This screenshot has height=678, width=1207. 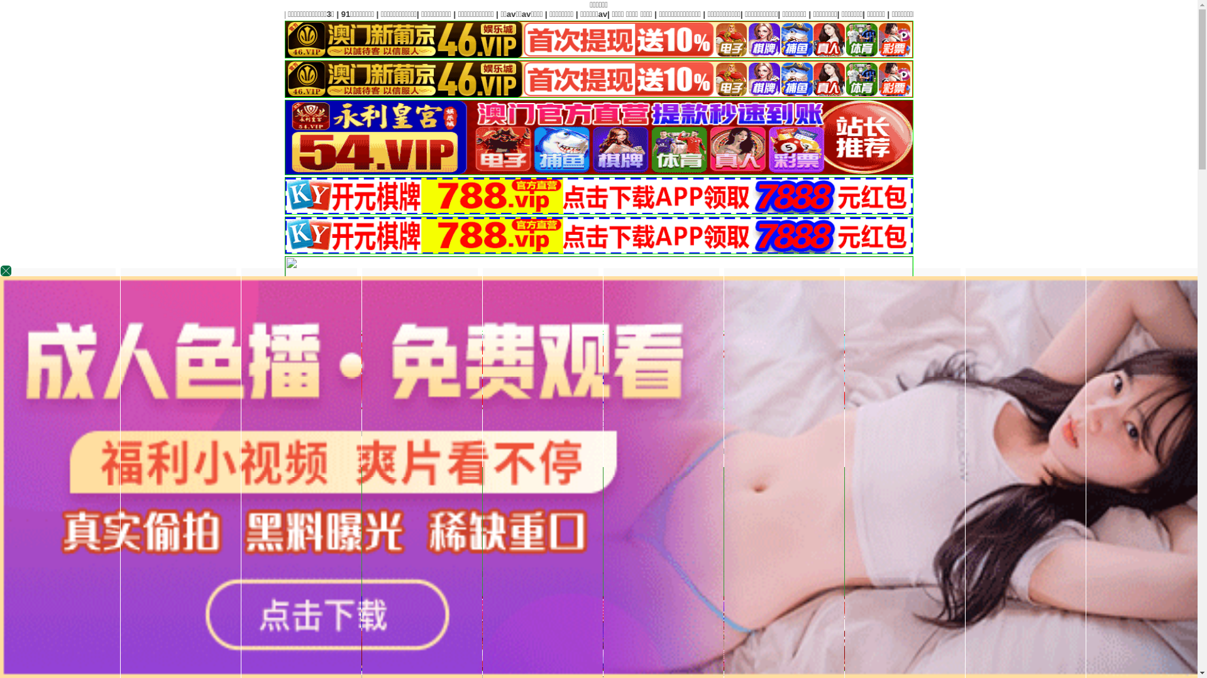 What do you see at coordinates (949, 433) in the screenshot?
I see `'www.hehui888.com'` at bounding box center [949, 433].